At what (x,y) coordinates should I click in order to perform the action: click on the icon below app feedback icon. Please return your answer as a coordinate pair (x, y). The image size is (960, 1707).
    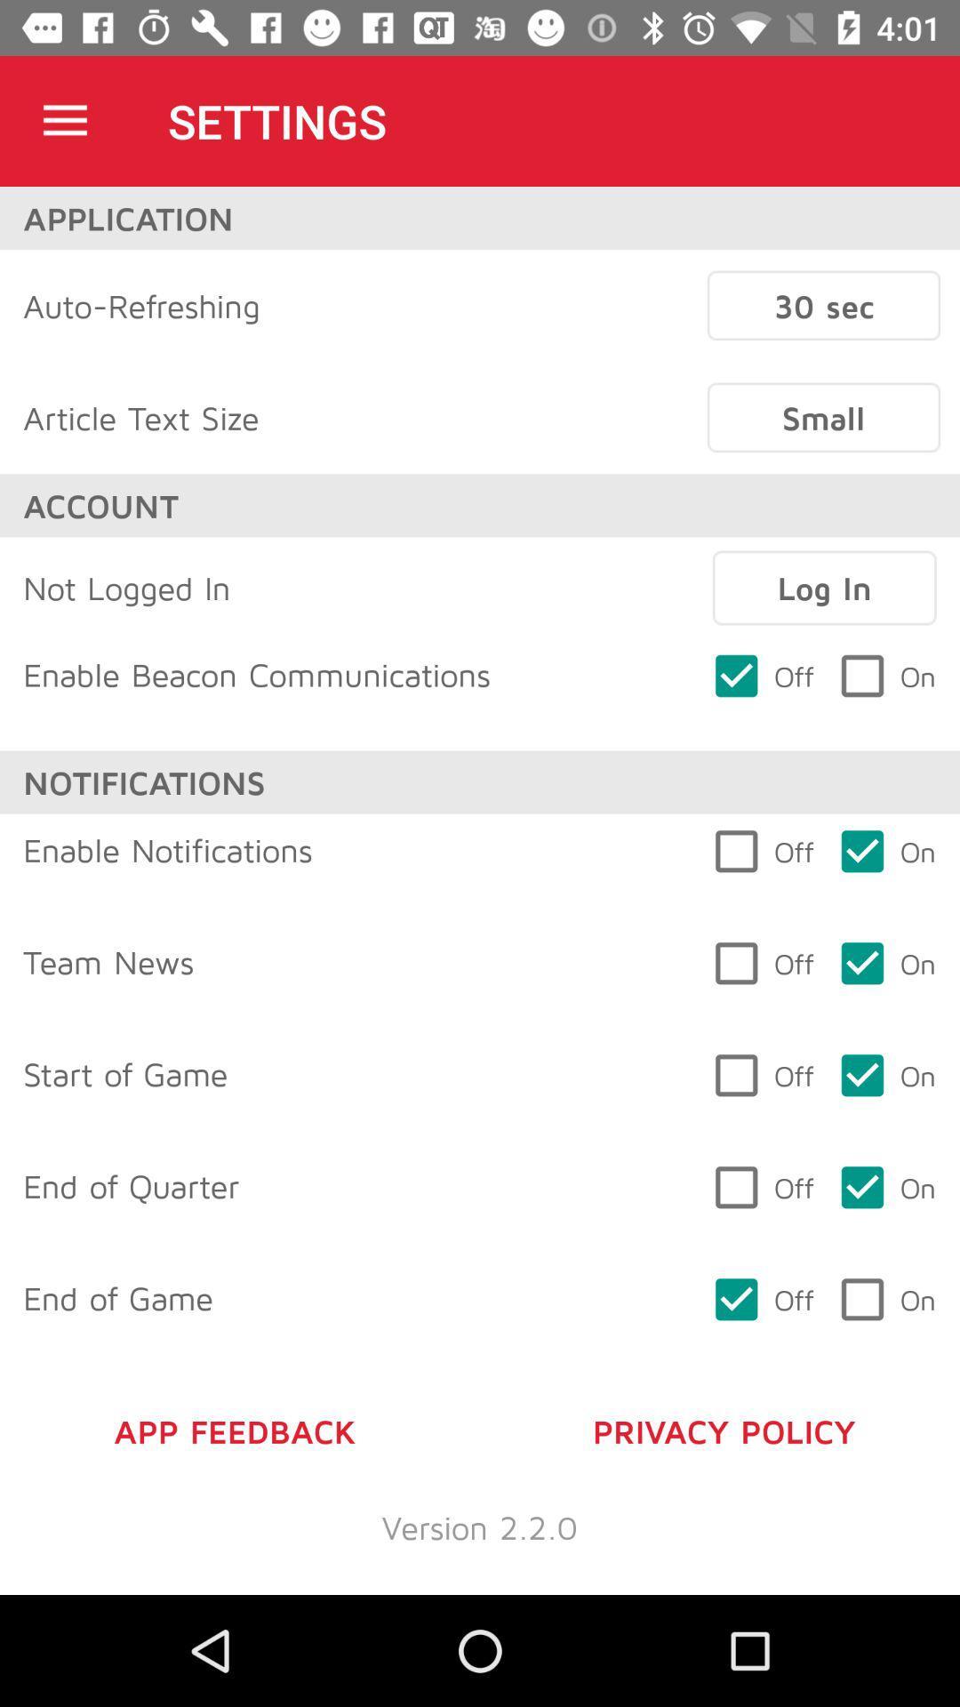
    Looking at the image, I should click on (480, 1526).